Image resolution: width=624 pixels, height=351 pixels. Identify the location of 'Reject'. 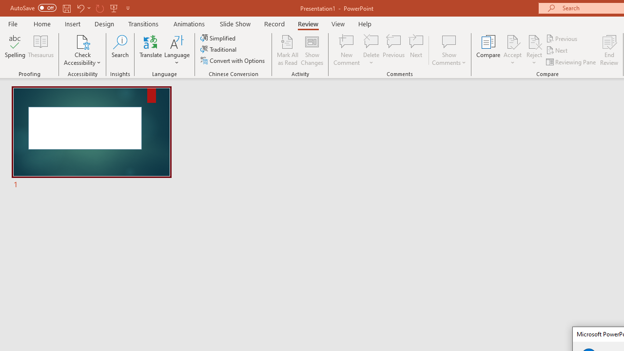
(534, 50).